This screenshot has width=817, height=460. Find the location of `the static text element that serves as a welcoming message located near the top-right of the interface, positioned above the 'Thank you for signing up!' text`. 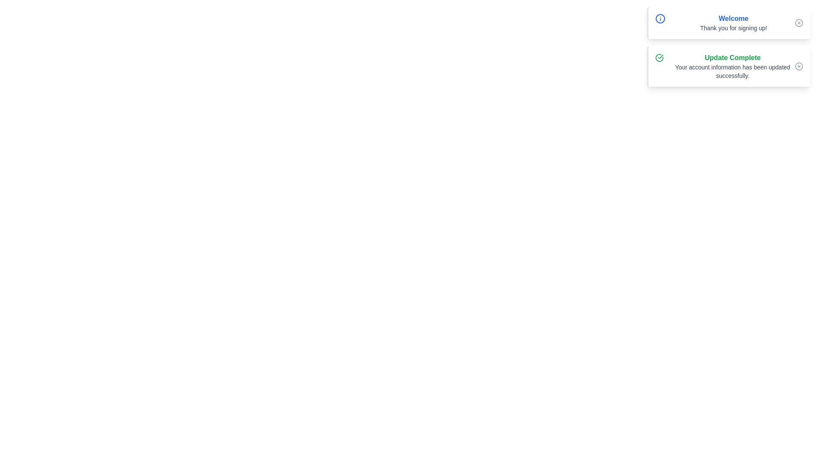

the static text element that serves as a welcoming message located near the top-right of the interface, positioned above the 'Thank you for signing up!' text is located at coordinates (733, 18).